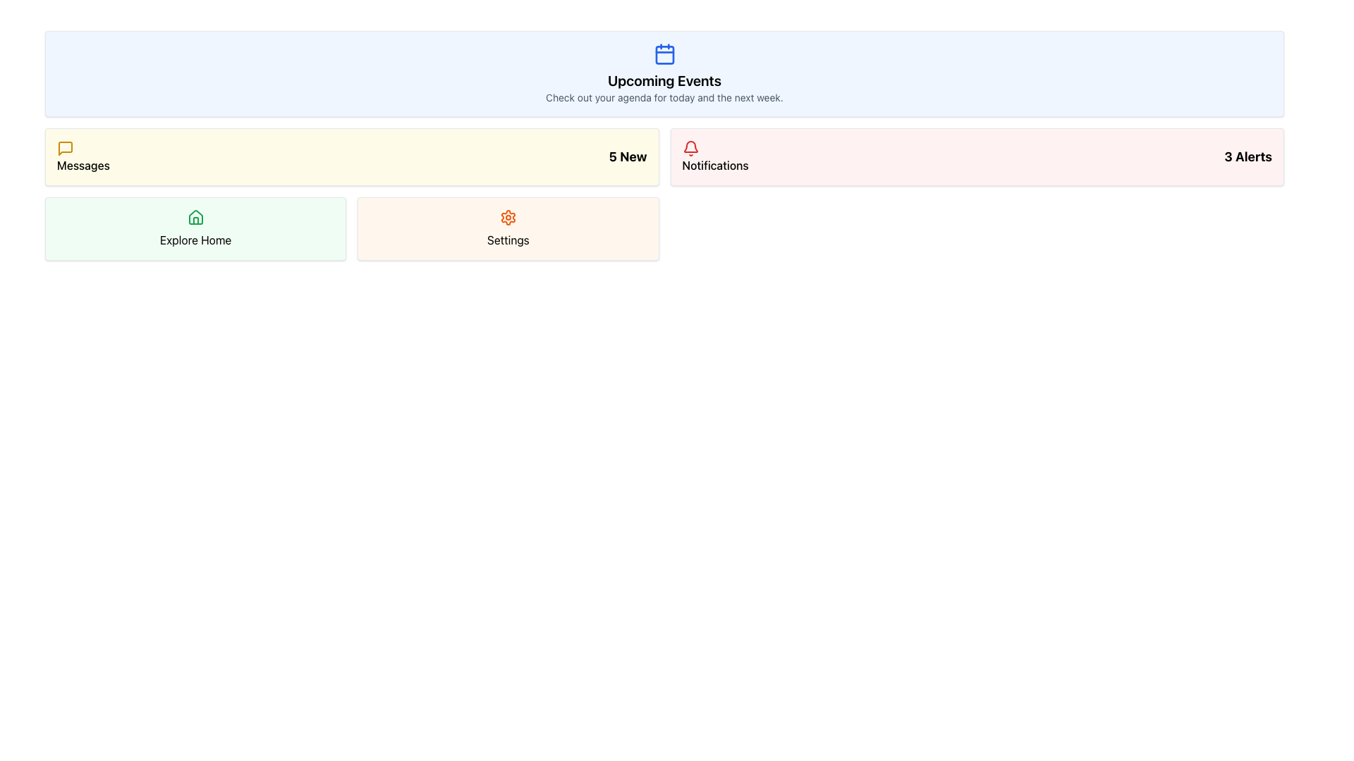 The width and height of the screenshot is (1354, 761). What do you see at coordinates (664, 54) in the screenshot?
I see `the blue calendar icon above the 'Upcoming Events' text in the light blue background section` at bounding box center [664, 54].